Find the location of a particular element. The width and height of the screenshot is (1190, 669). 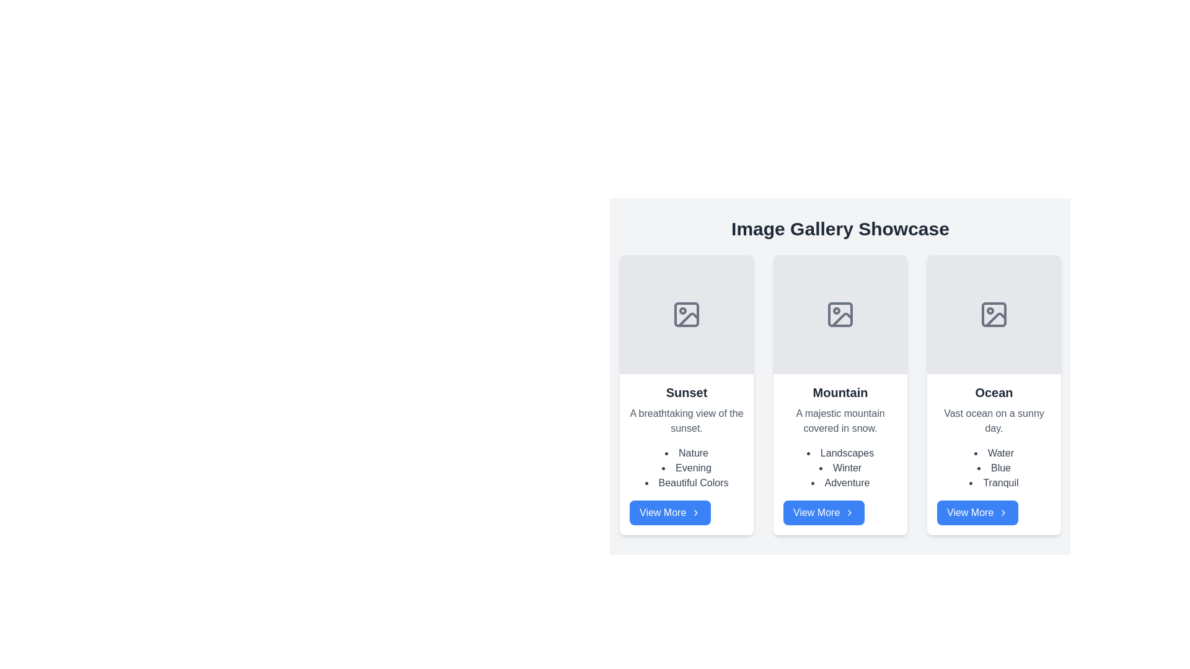

the muted gray text label that reads 'A majestic mountain covered in snow.', located centrally below the 'Mountain' heading in the middle card of a three-card gallery layout is located at coordinates (840, 420).